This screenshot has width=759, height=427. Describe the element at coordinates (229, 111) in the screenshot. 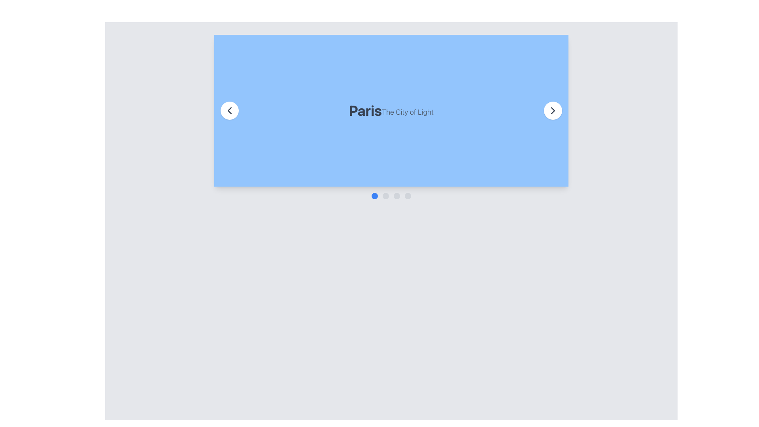

I see `the left-pointing chevron icon within the circular button on the left side of the 'Paris' section` at that location.